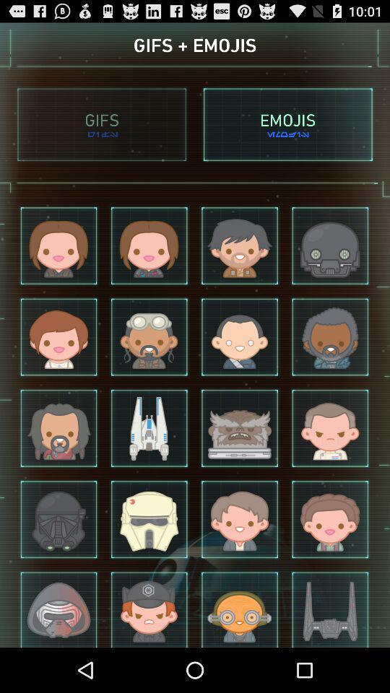 This screenshot has height=693, width=390. I want to click on the last image at the right corner in the bottom, so click(330, 608).